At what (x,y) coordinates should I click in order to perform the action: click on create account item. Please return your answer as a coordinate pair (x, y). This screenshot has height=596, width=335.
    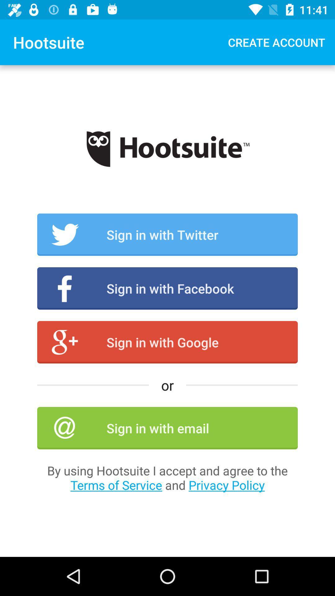
    Looking at the image, I should click on (276, 42).